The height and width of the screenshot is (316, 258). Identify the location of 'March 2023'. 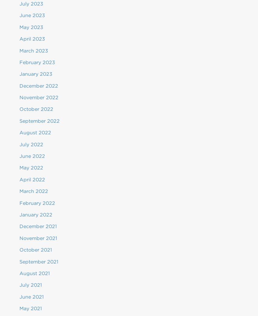
(33, 50).